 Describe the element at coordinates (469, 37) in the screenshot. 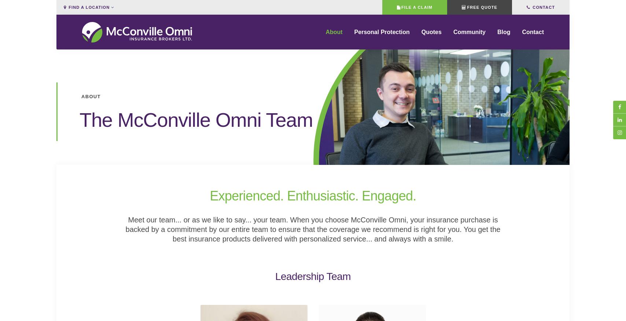

I see `'Community'` at that location.